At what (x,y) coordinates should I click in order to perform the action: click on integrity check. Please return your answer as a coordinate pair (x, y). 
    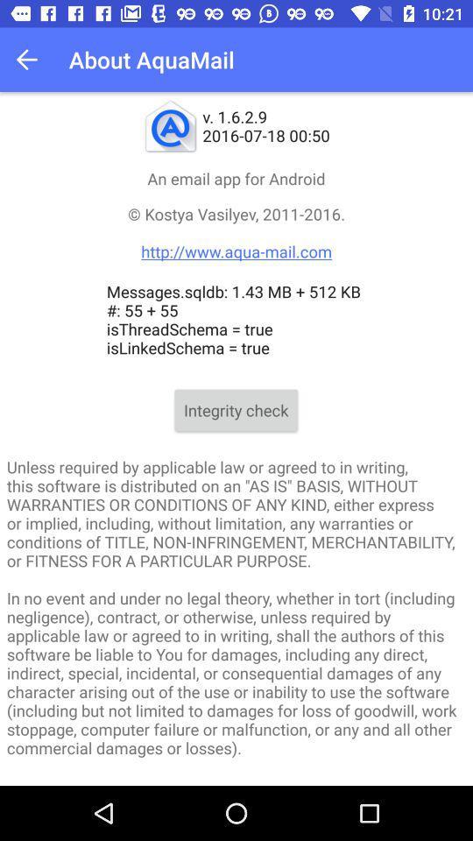
    Looking at the image, I should click on (236, 410).